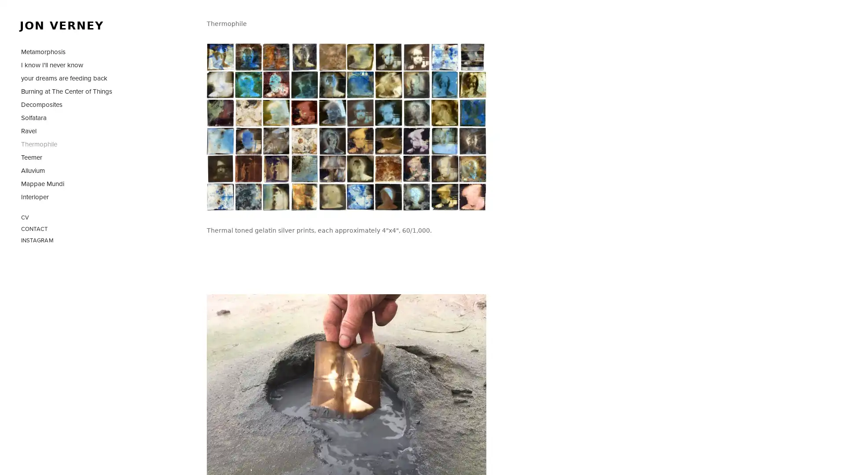 This screenshot has width=845, height=475. What do you see at coordinates (247, 56) in the screenshot?
I see `View fullsize jon_verney_thermophile_36.jpg` at bounding box center [247, 56].